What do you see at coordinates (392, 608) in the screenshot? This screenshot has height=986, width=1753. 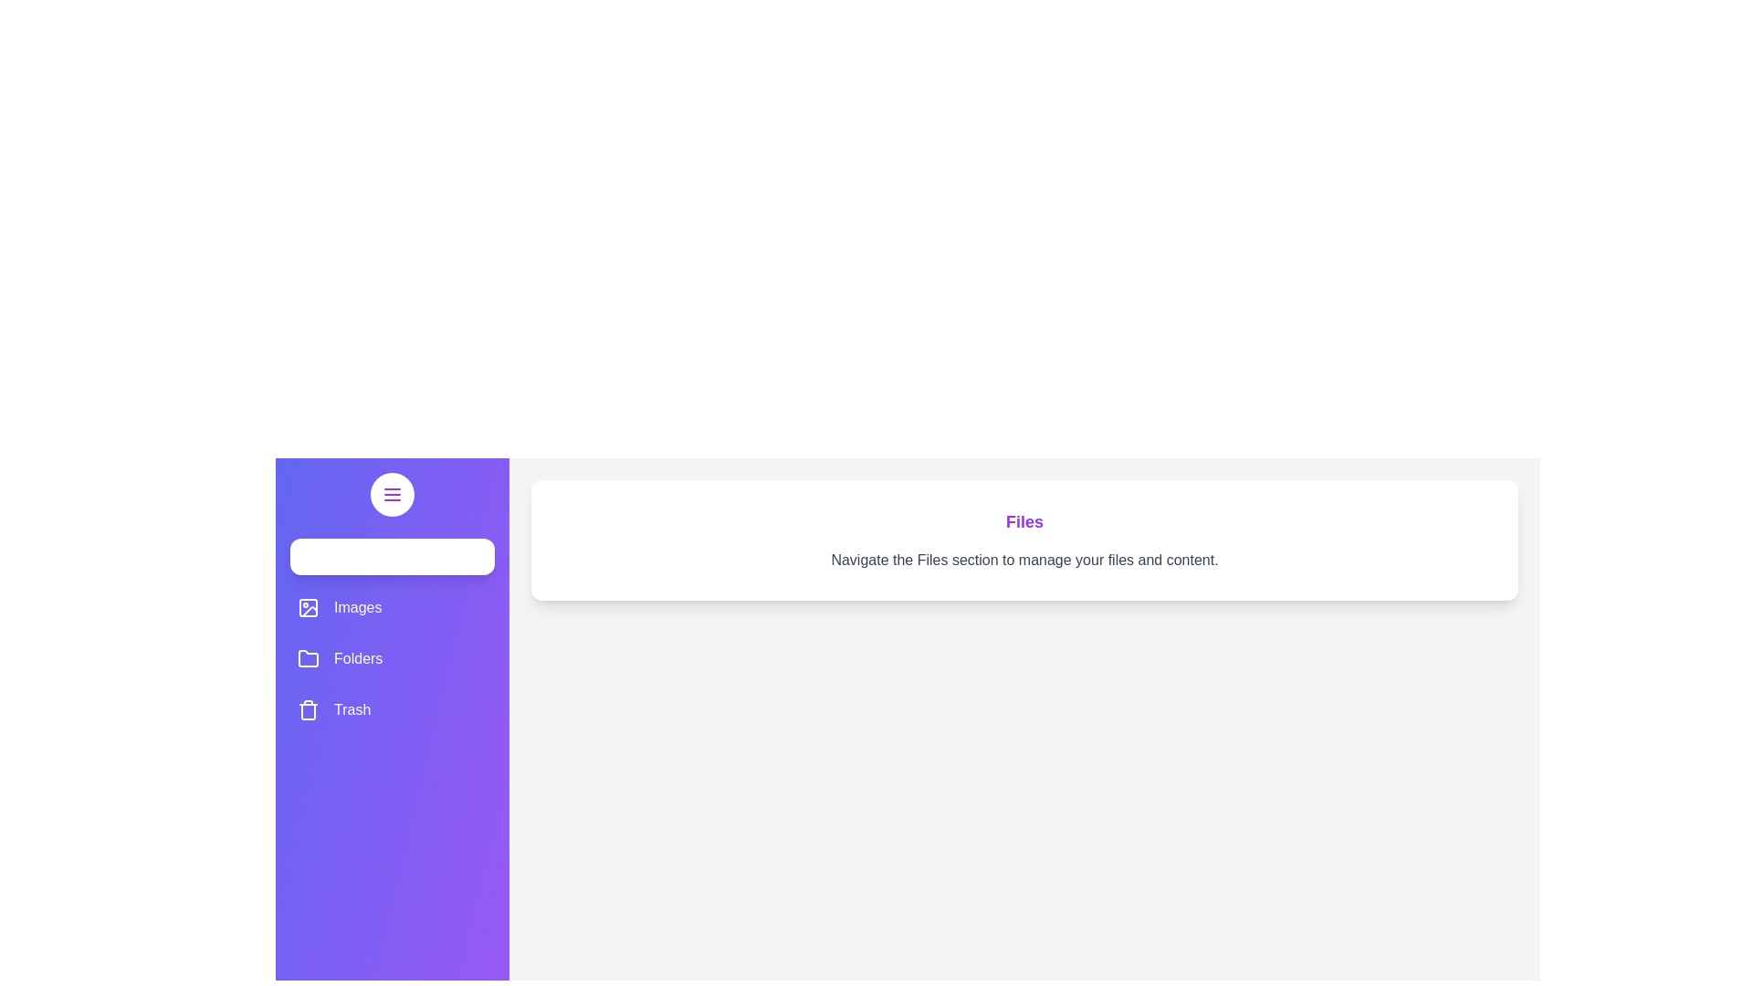 I see `the section Images to navigate to it` at bounding box center [392, 608].